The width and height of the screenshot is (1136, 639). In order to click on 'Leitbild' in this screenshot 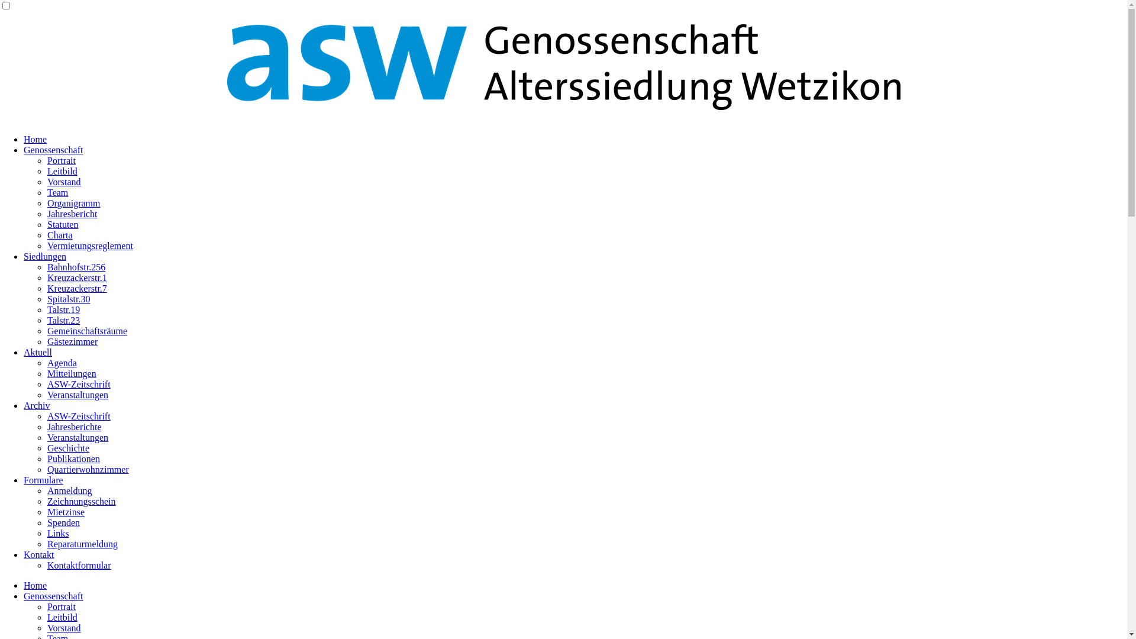, I will do `click(62, 617)`.